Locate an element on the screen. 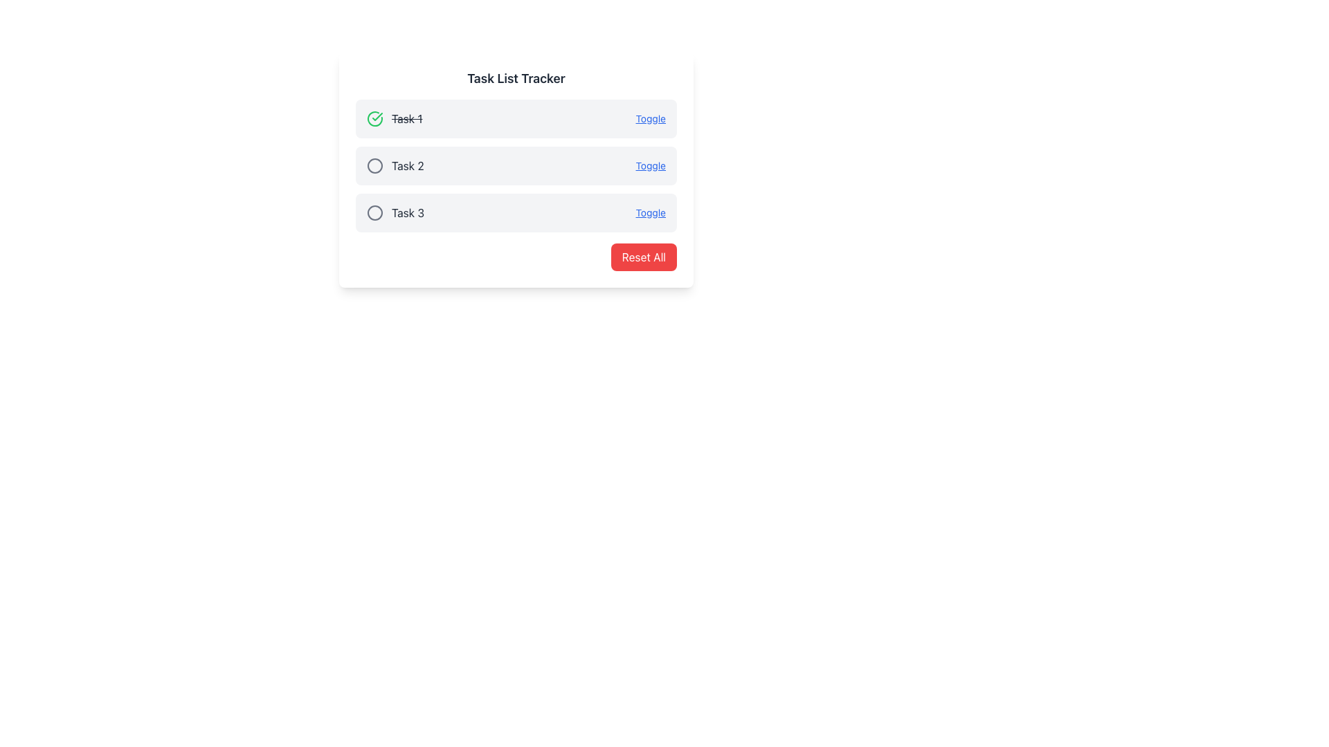  the SVG circle element representing the task completion status for 'Task 2' in the list is located at coordinates (375, 165).